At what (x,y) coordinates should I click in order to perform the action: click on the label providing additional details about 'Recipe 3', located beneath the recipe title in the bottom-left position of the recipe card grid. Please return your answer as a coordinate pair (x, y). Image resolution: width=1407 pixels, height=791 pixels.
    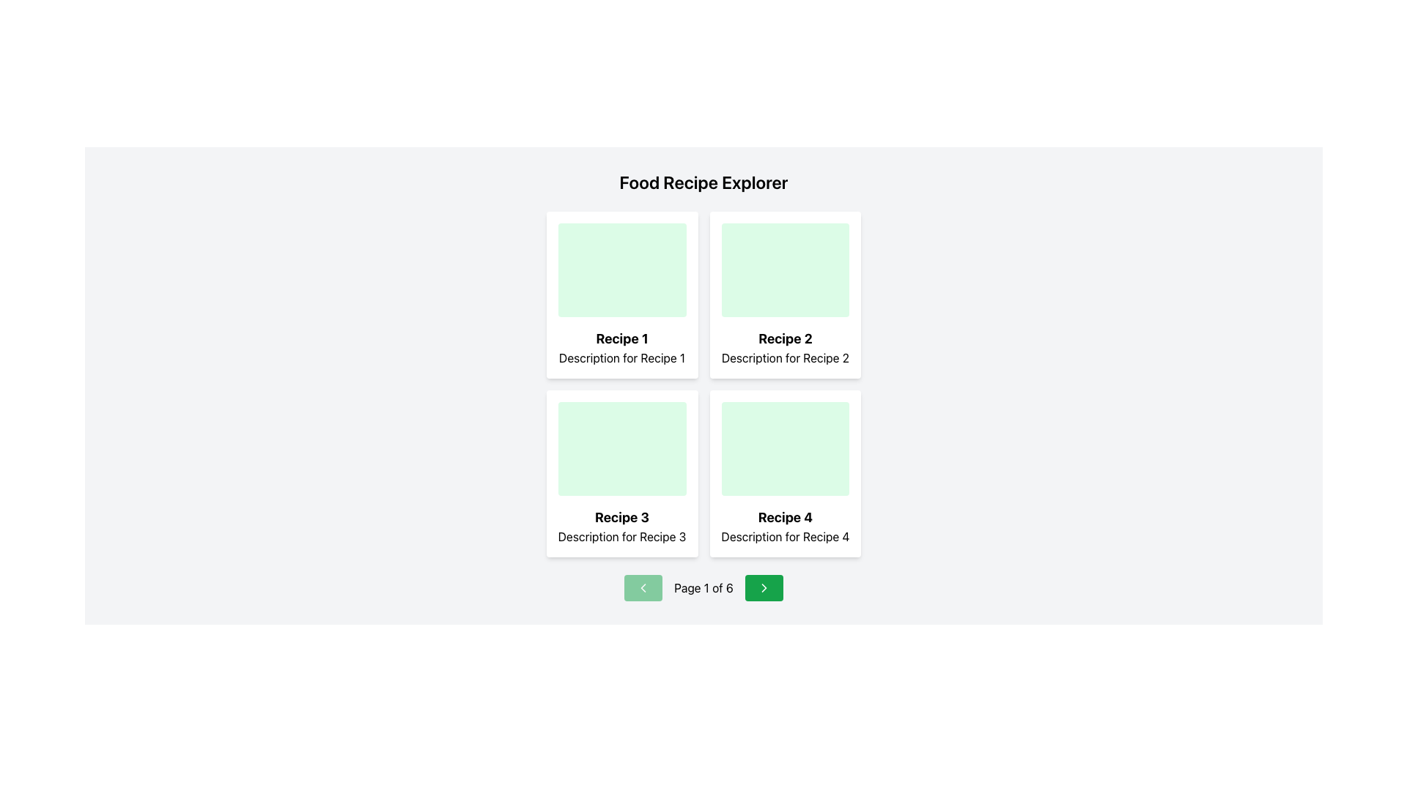
    Looking at the image, I should click on (622, 536).